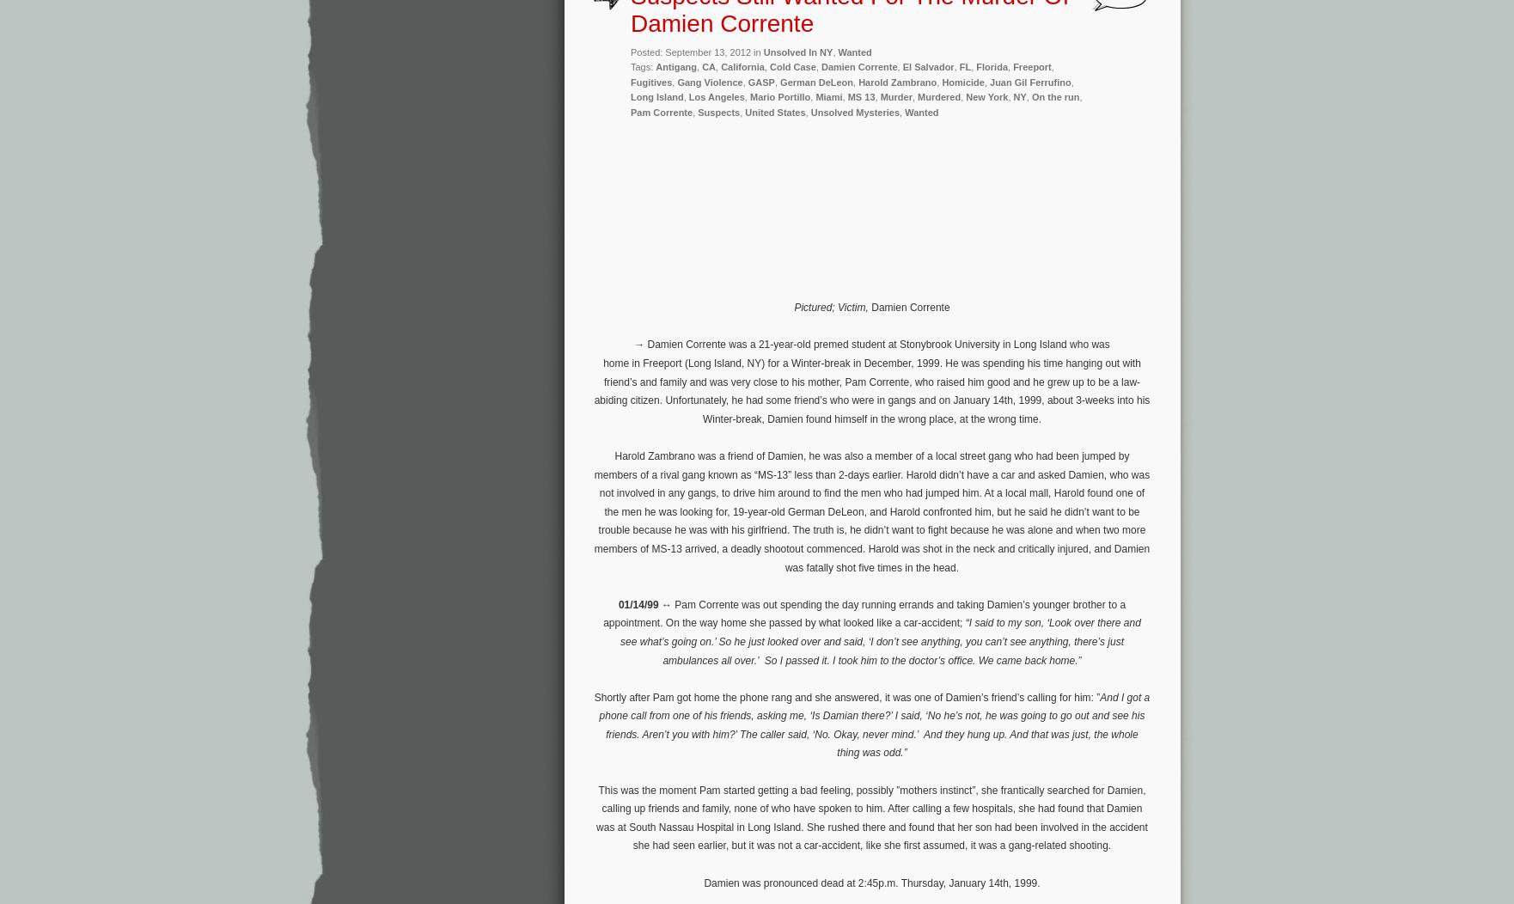 The width and height of the screenshot is (1514, 904). Describe the element at coordinates (871, 816) in the screenshot. I see `'This was the moment Pam started getting a bad feeling, possibly ”mothers instinct”, she frantically searched for Damien, calling up friends and family, none of who have spoken to him. After calling a few hospitals, she had found that Damien was at South Nassau Hospital in Long Island. She rushed there and found that her son had been involved in the accident she had seen earlier, but it was not a car-accident, like she first assumed, it was a gang-related shooting.'` at that location.